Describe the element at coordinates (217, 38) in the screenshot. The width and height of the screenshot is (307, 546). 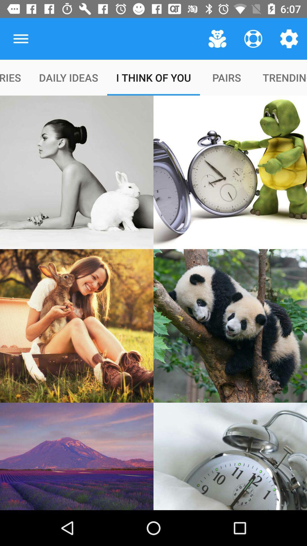
I see `the icon to the right of` at that location.